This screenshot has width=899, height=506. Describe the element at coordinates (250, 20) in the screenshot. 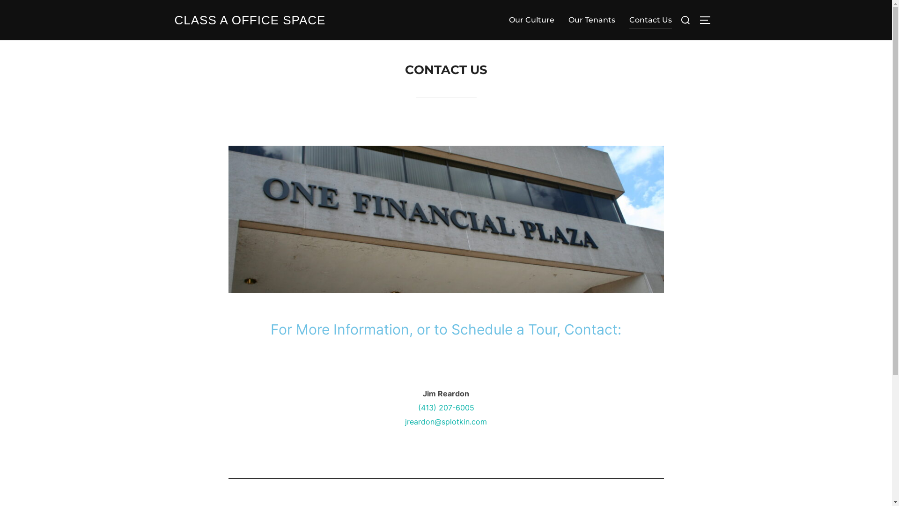

I see `'CLASS A OFFICE SPACE'` at that location.